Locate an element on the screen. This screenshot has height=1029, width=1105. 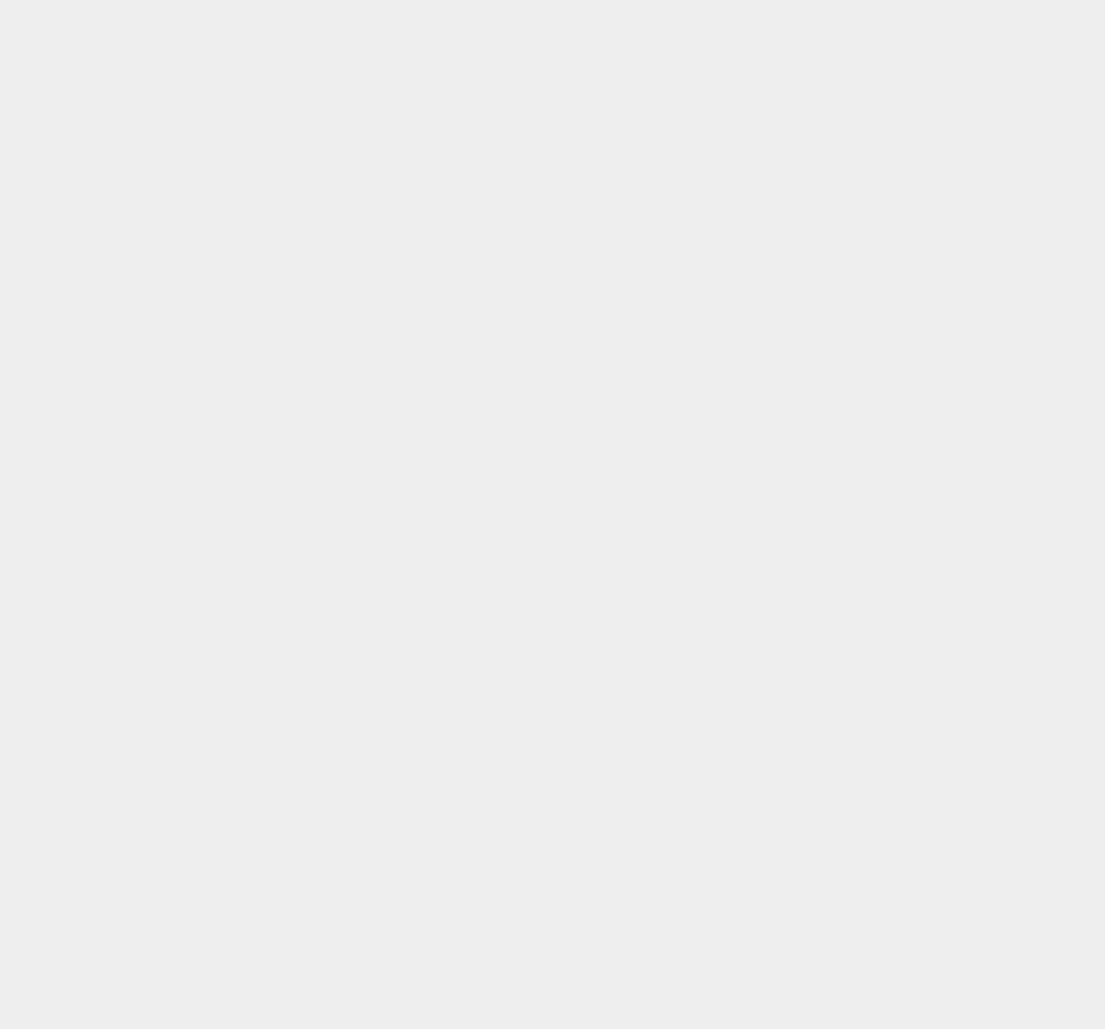
'iCloud' is located at coordinates (798, 884).